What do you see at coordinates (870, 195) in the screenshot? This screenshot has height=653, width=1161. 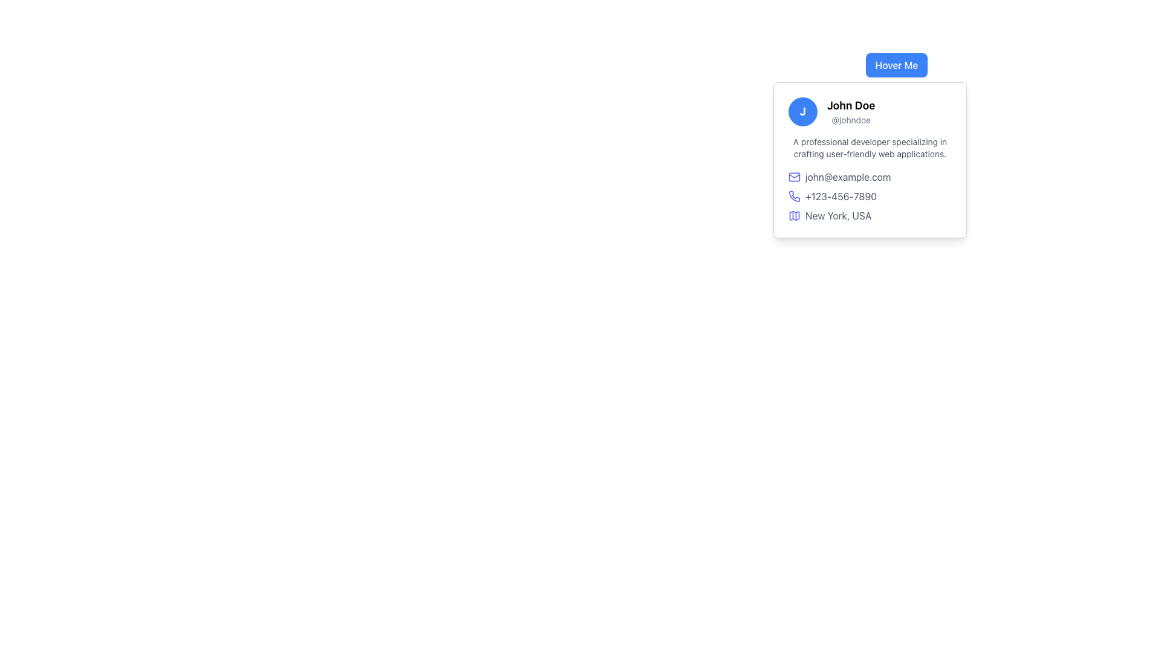 I see `the phone number element styled with gray text and accompanied by an indigo phone icon to initiate a phone call` at bounding box center [870, 195].